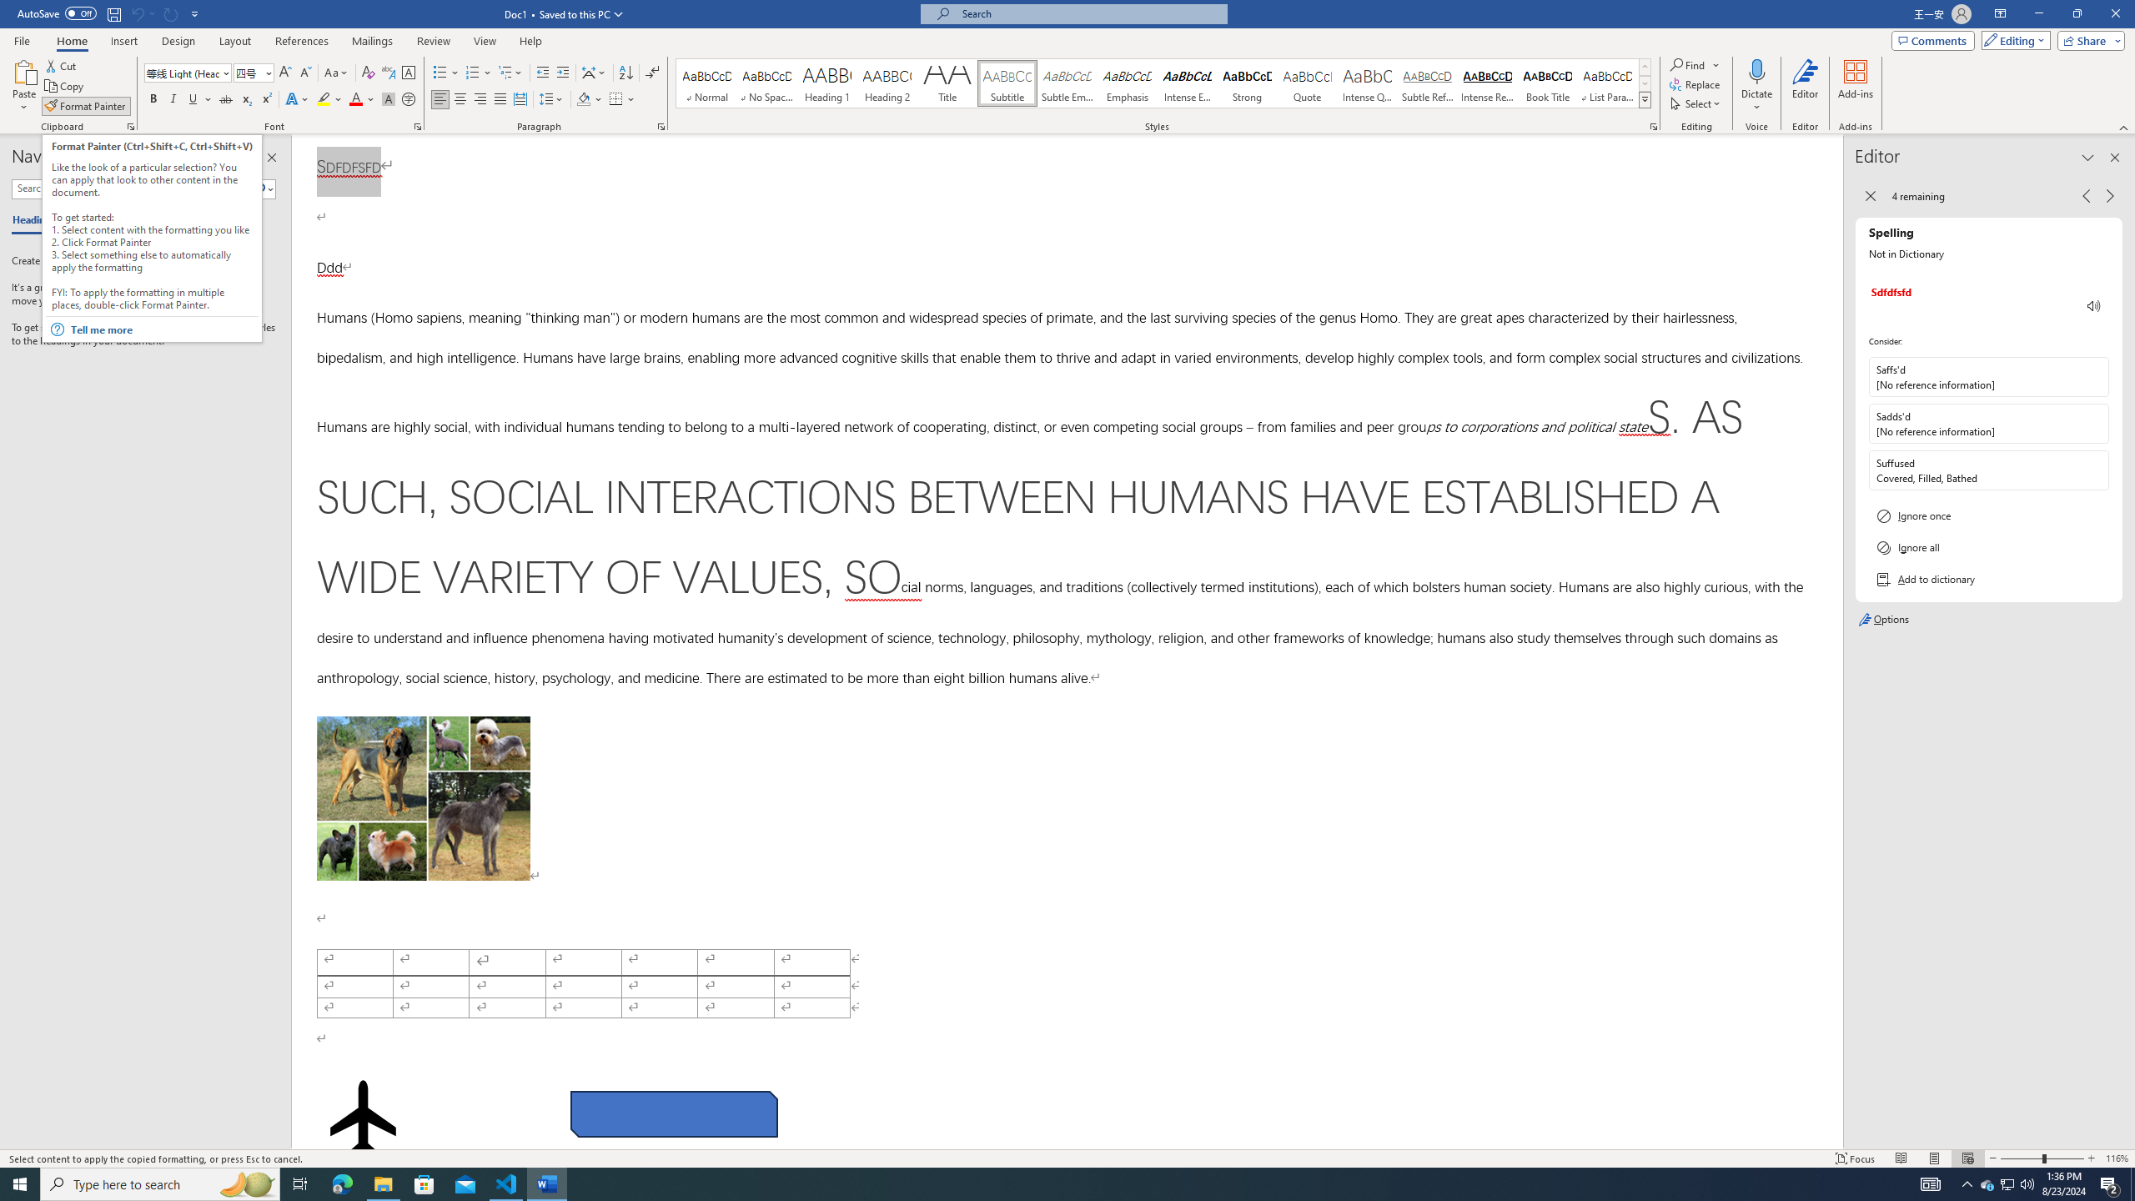 The width and height of the screenshot is (2135, 1201). What do you see at coordinates (2037, 13) in the screenshot?
I see `'Minimize'` at bounding box center [2037, 13].